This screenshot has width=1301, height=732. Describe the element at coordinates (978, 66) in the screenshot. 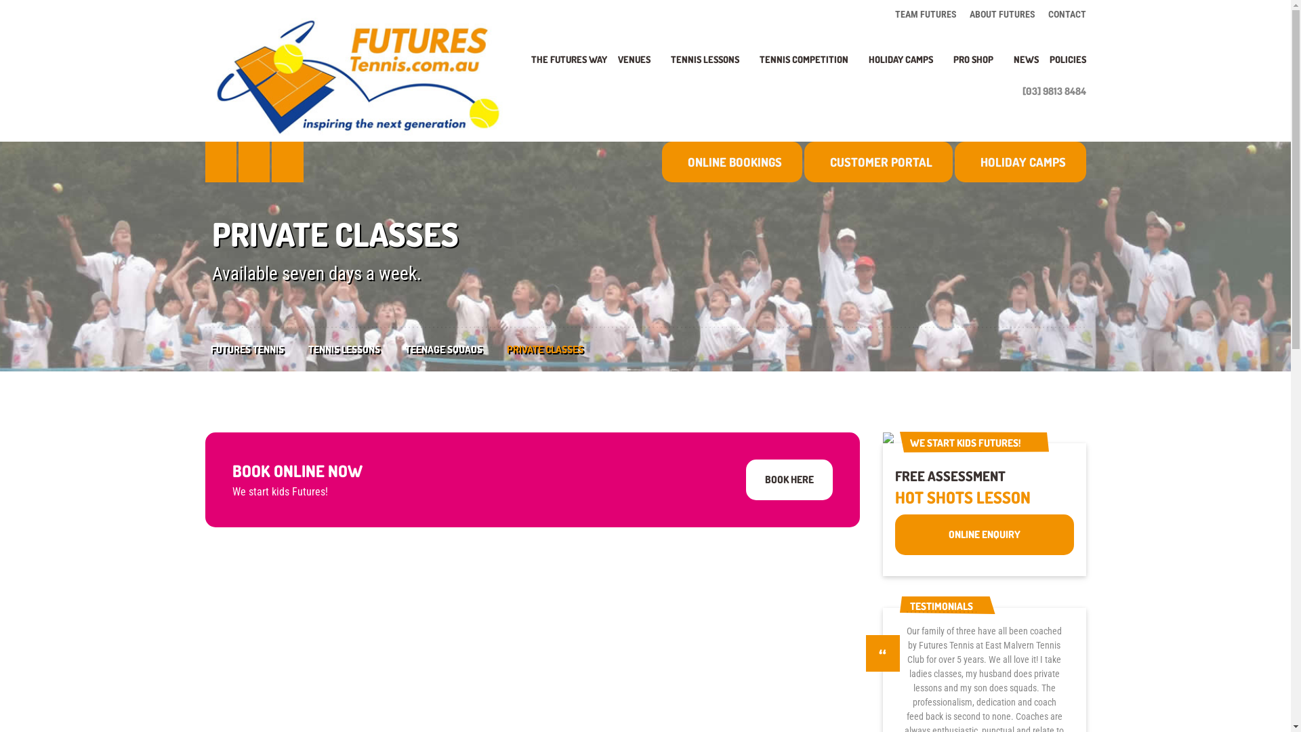

I see `'PRO SHOP'` at that location.